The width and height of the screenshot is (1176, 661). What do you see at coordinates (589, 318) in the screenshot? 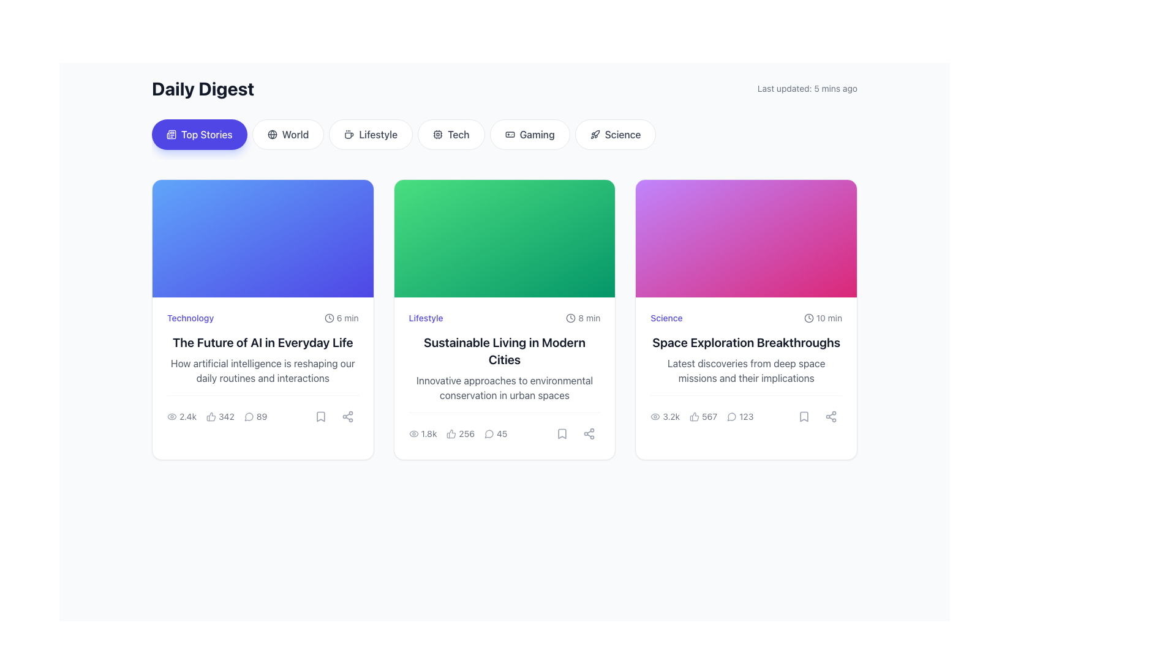
I see `the text label displaying '8 min' in gray color, located in the second card under the 'Lifestyle' heading` at bounding box center [589, 318].